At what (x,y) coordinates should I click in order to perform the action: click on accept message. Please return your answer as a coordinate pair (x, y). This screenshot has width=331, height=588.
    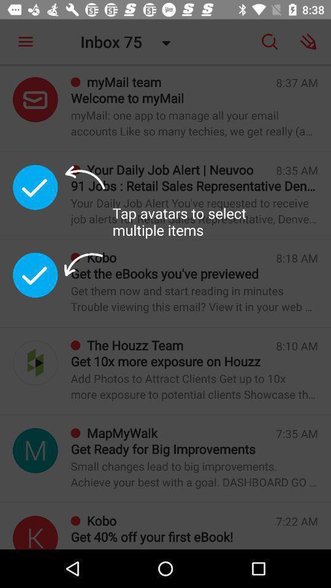
    Looking at the image, I should click on (35, 275).